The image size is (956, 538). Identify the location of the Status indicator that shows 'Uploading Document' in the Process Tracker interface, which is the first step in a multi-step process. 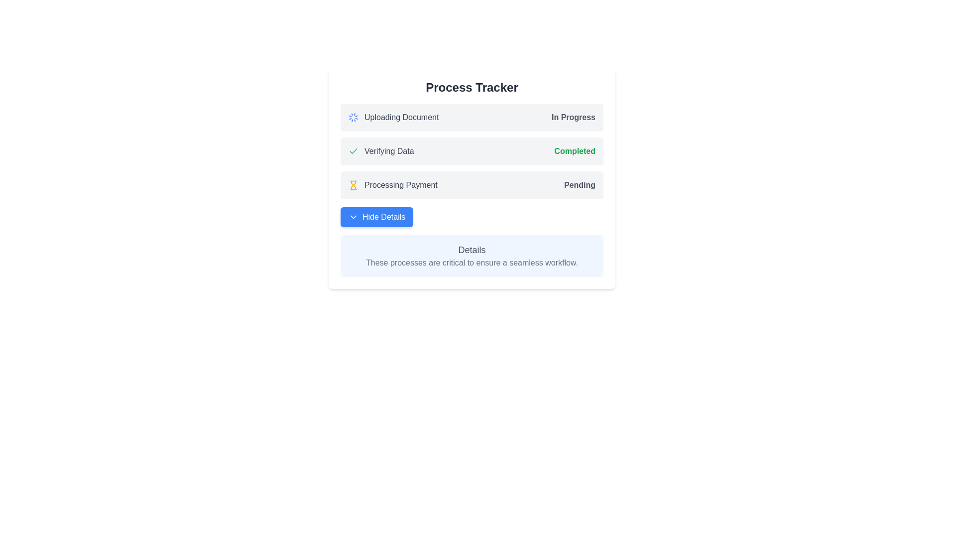
(472, 117).